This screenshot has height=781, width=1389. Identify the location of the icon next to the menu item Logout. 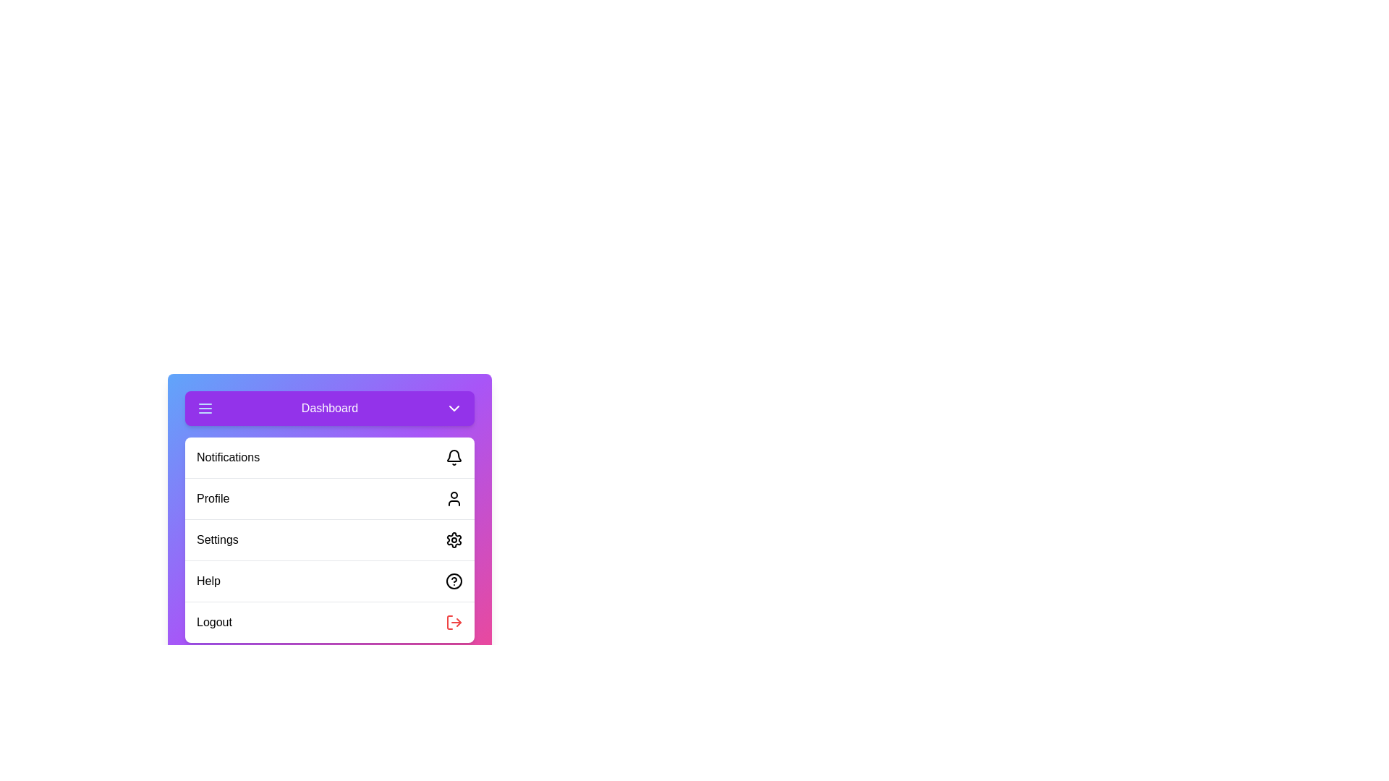
(454, 621).